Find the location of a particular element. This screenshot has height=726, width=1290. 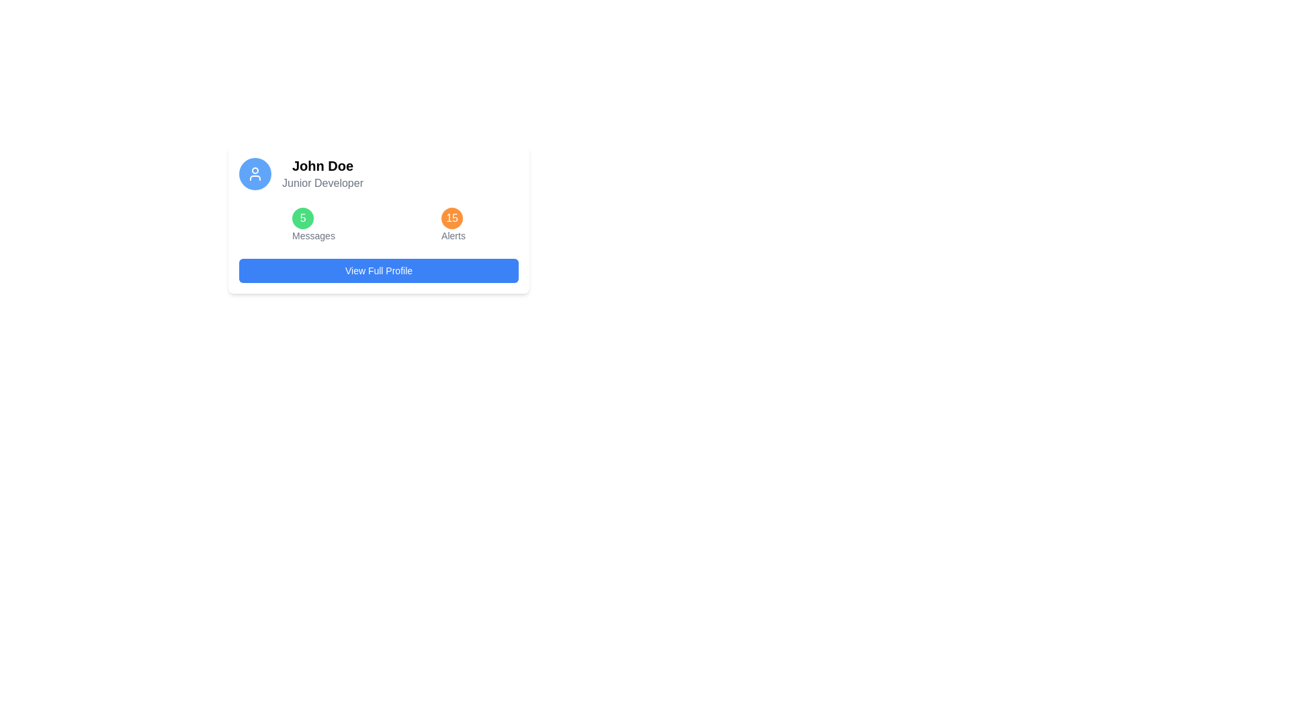

the user avatar icon, which is a circular icon with a silhouette of a user in white lines against a blue background, located to the left of the text 'John Doe' is located at coordinates (255, 173).